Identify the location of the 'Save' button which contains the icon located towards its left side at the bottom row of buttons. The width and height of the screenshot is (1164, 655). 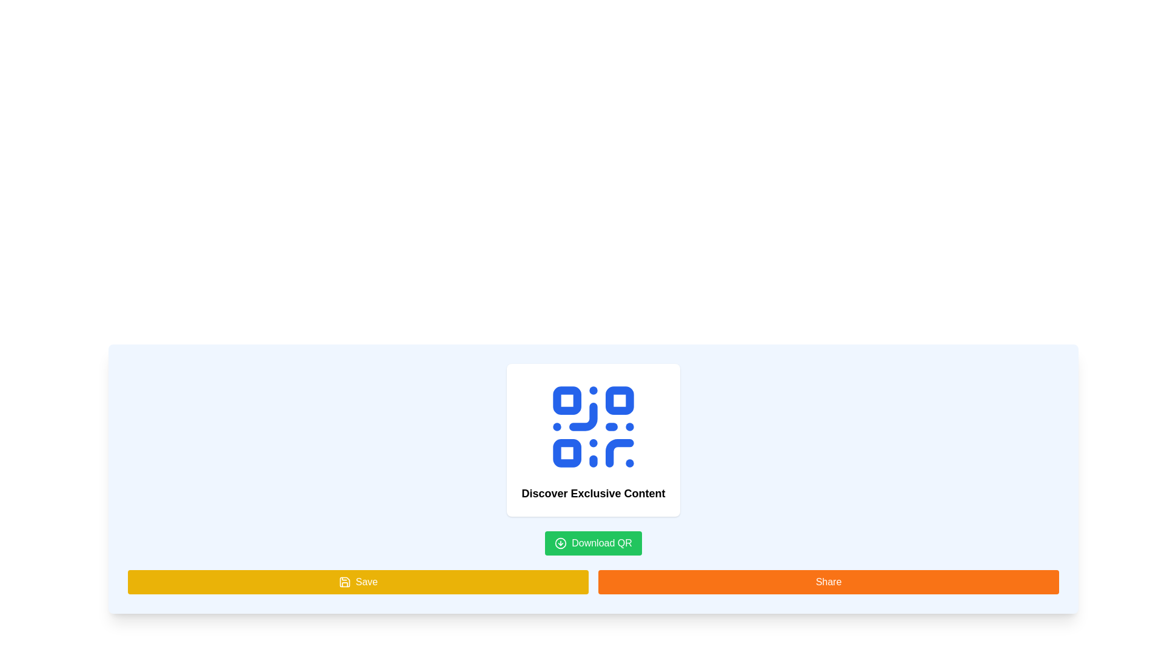
(344, 582).